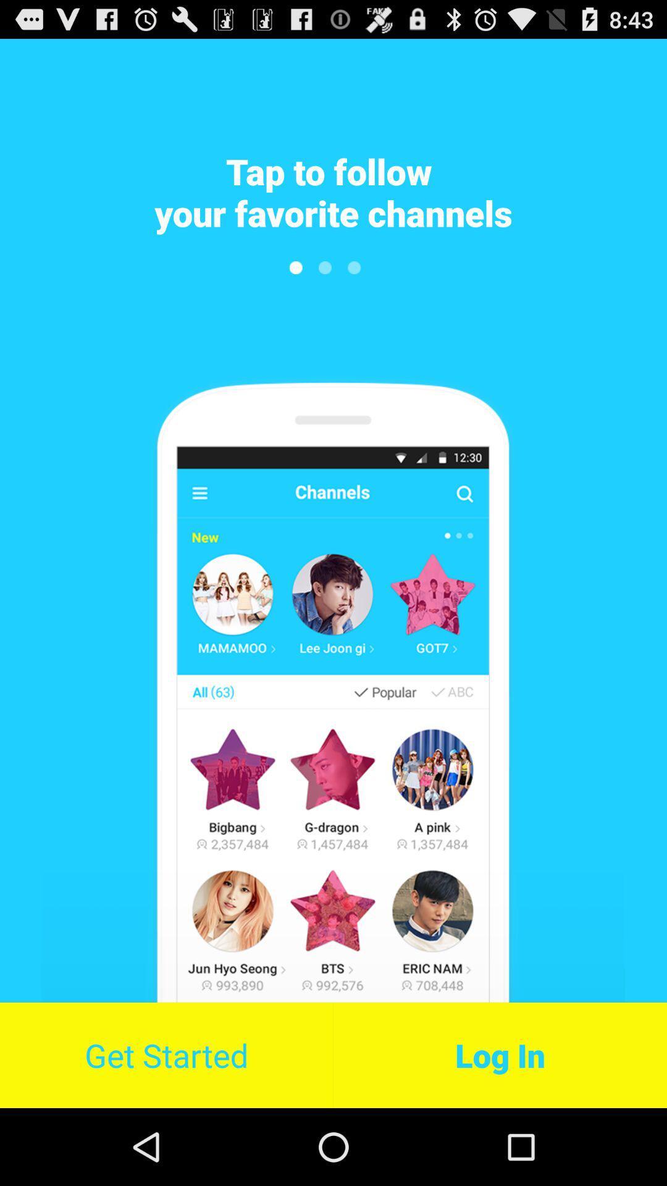 This screenshot has width=667, height=1186. What do you see at coordinates (500, 1054) in the screenshot?
I see `the icon next to get started item` at bounding box center [500, 1054].